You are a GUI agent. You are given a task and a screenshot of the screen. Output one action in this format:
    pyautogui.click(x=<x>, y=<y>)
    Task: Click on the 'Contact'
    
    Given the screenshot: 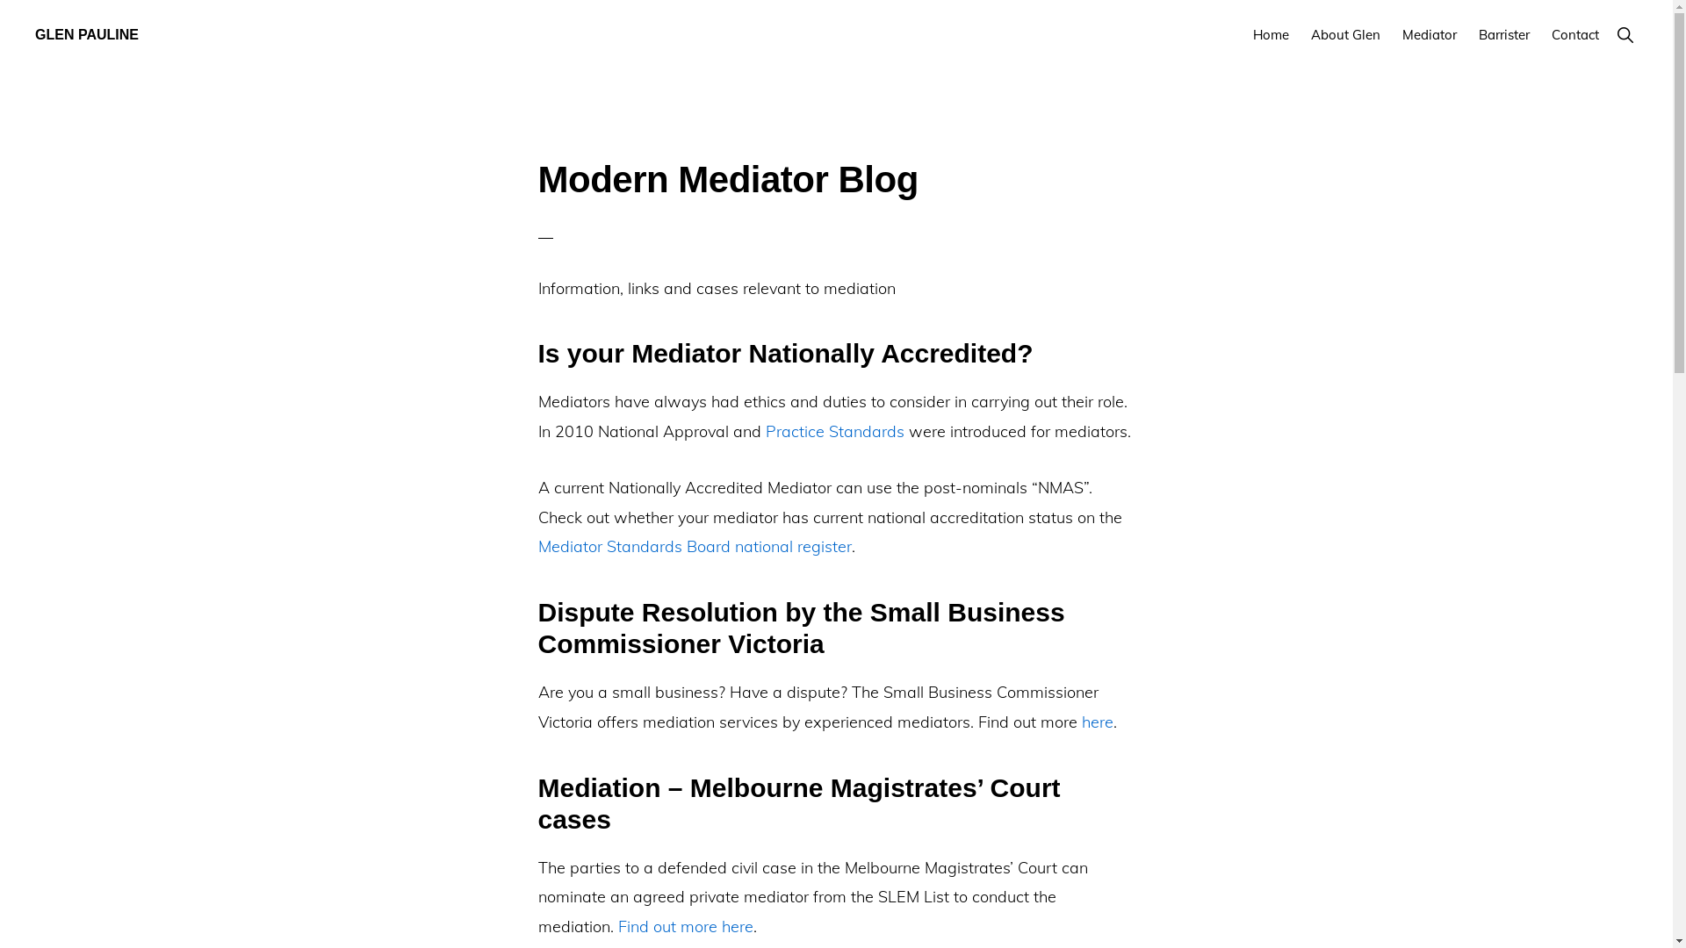 What is the action you would take?
    pyautogui.click(x=1575, y=34)
    